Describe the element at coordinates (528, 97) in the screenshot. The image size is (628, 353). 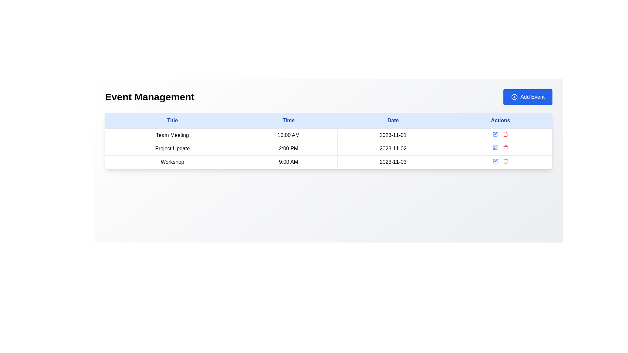
I see `the 'Add Event' button, a blue rectangular button with rounded edges located in the header section labeled 'Event Management.'` at that location.